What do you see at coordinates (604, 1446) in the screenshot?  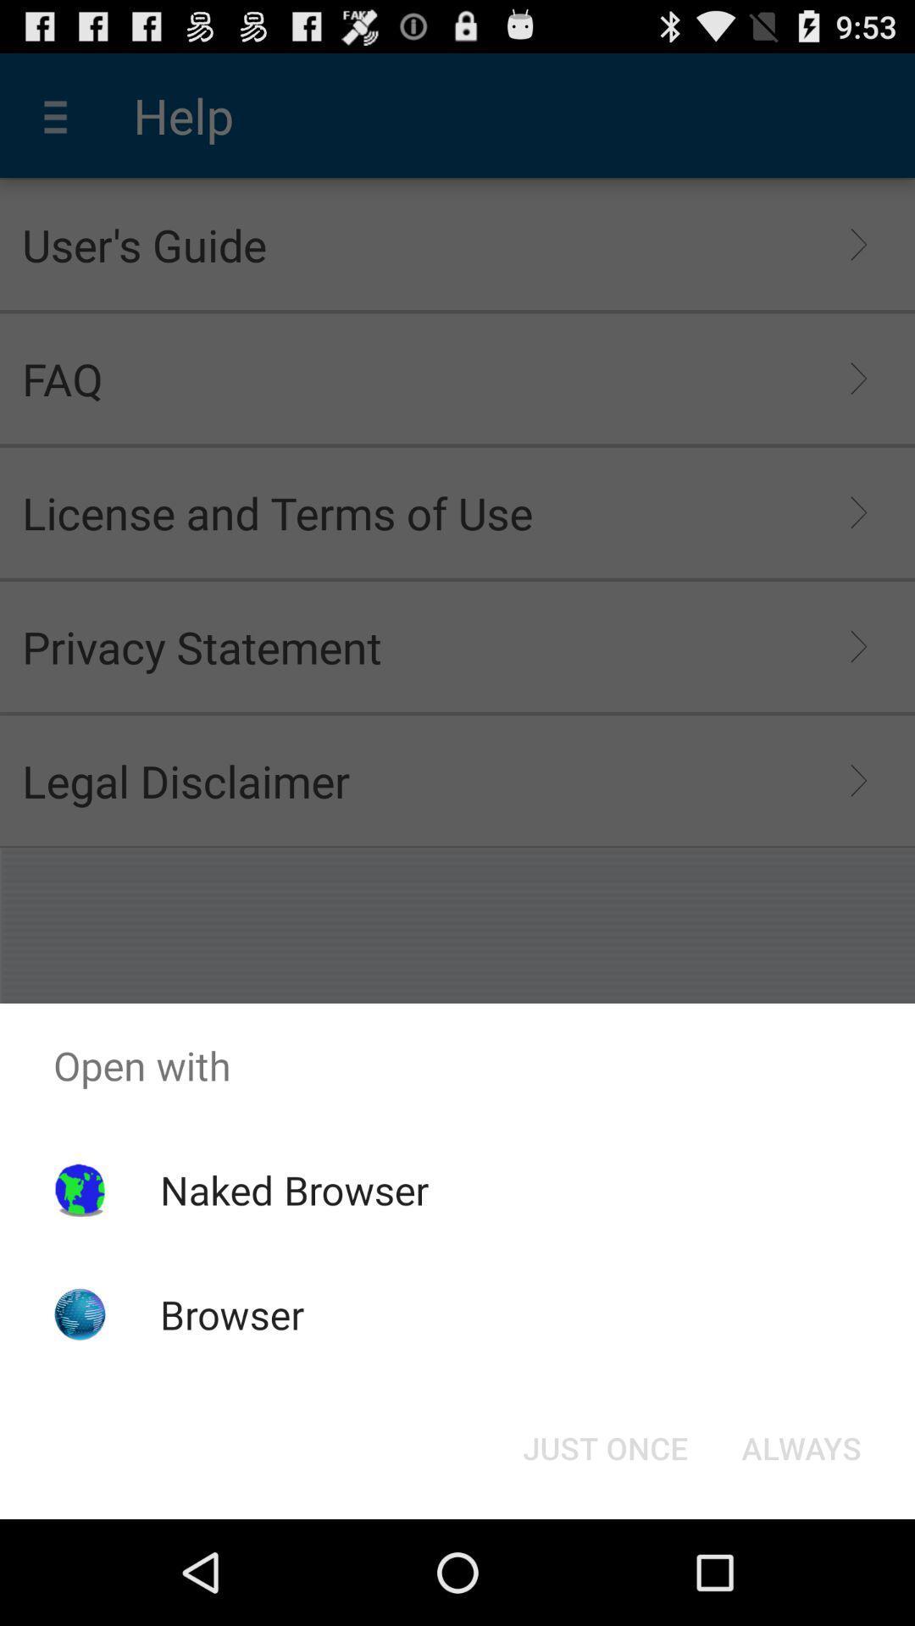 I see `item next to always icon` at bounding box center [604, 1446].